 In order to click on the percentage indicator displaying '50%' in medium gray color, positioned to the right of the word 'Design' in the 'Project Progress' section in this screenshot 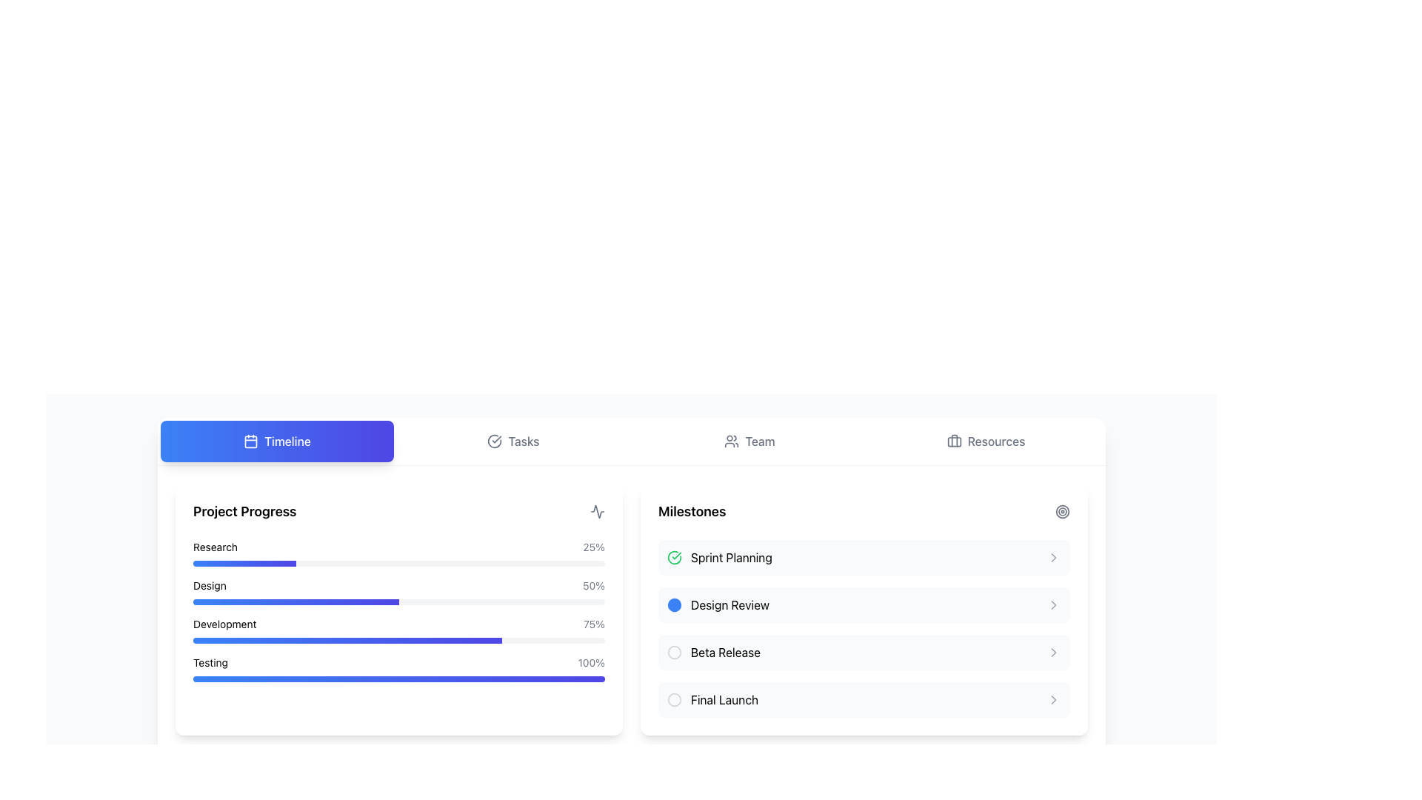, I will do `click(593, 584)`.